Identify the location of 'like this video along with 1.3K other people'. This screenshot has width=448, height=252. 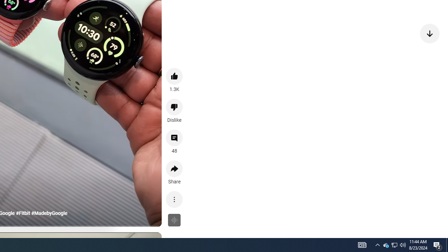
(174, 76).